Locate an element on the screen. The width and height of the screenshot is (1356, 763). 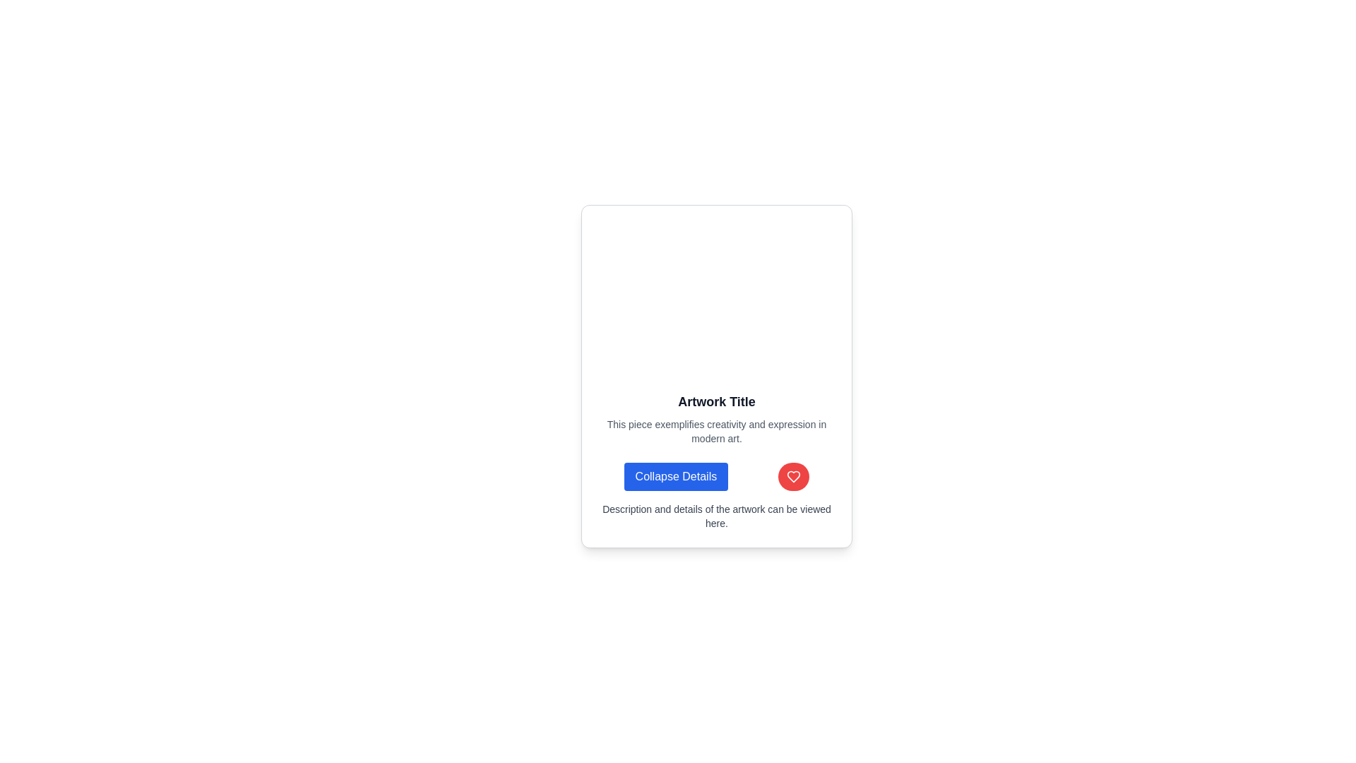
text label (heading) that serves as the title for the artwork, prominently displayed above the descriptive paragraph is located at coordinates (716, 402).